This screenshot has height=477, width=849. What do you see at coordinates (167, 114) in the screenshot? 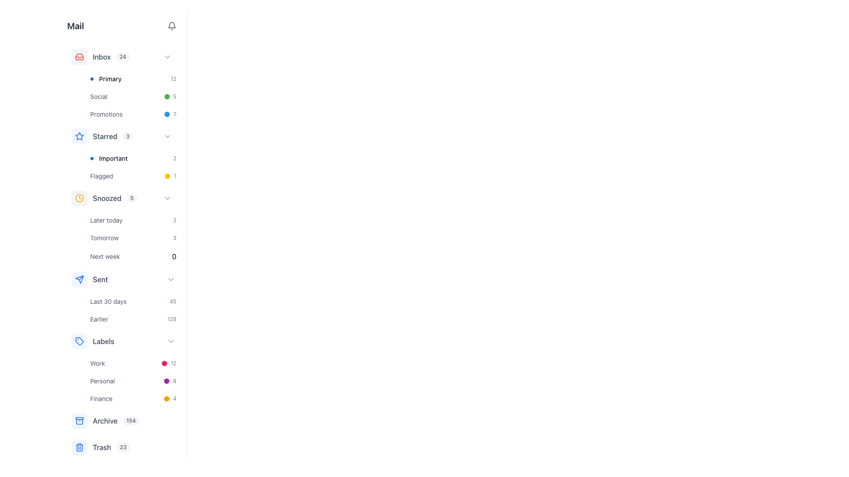
I see `the Circle marker (Indicator) representing the 'Promotions' category located to the left of the text '7' in the left navigation menu of the mail application` at bounding box center [167, 114].